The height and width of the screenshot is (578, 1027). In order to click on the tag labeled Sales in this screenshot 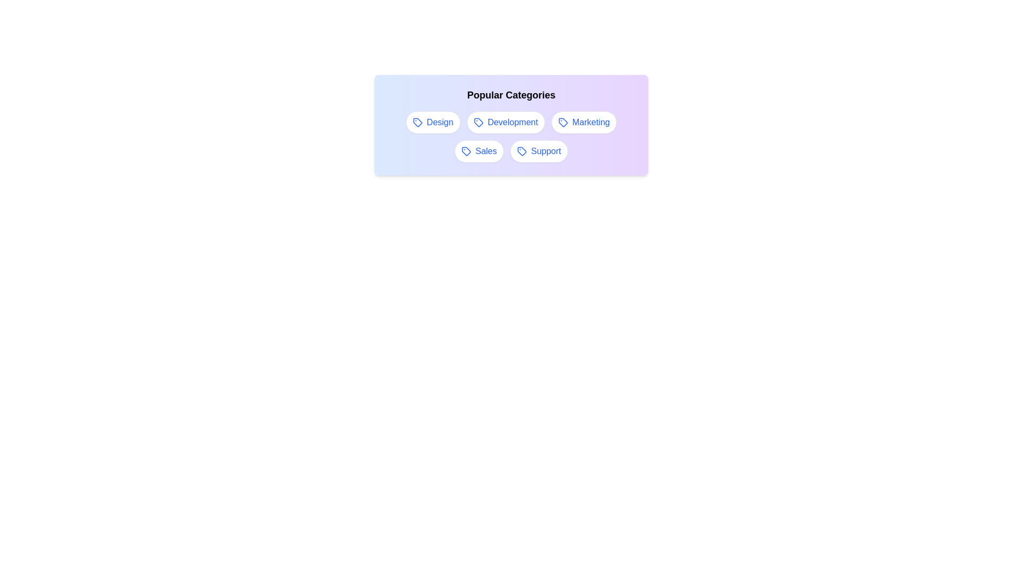, I will do `click(479, 151)`.